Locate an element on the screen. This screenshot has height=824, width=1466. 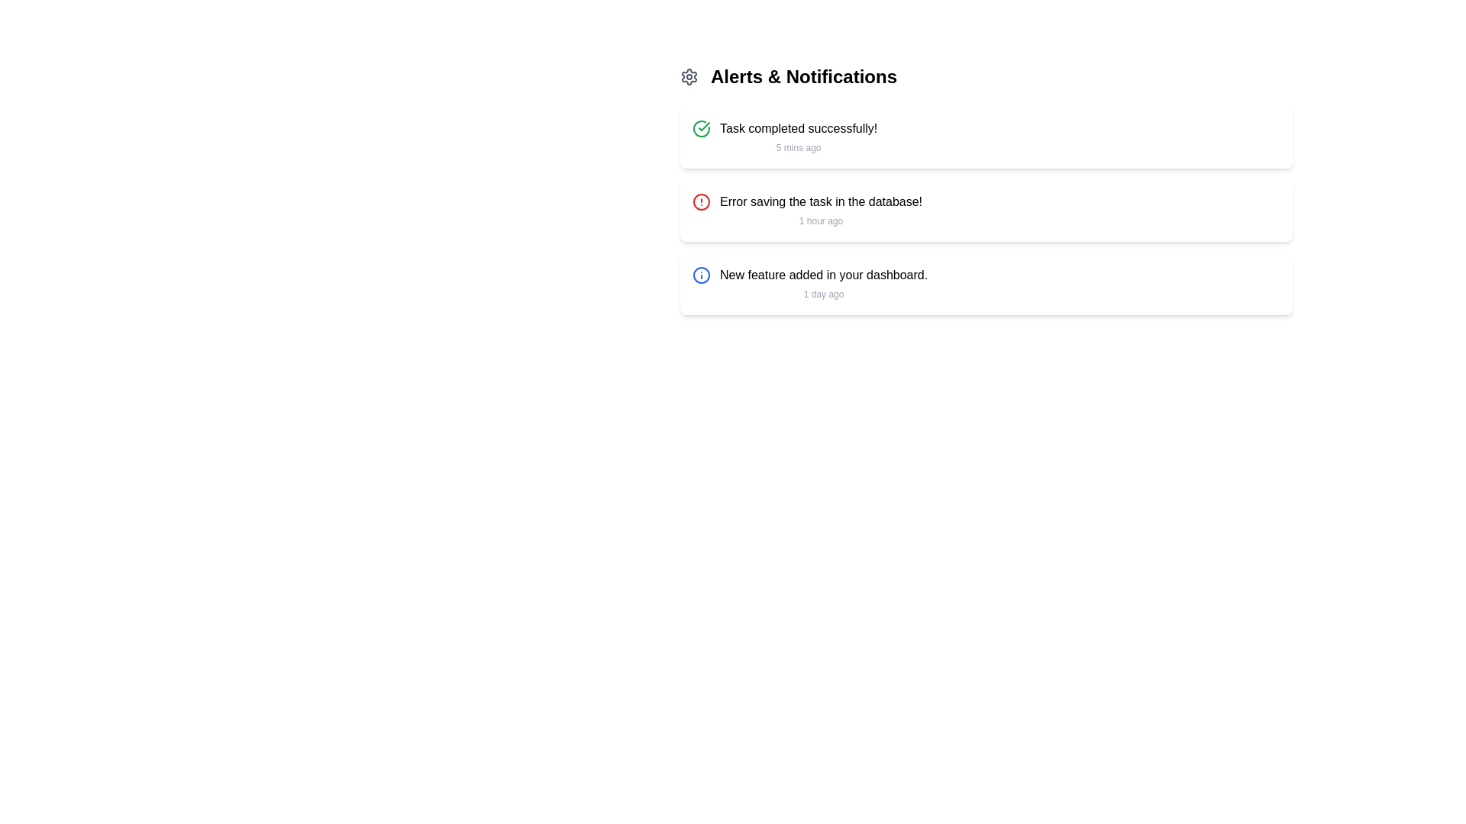
the text display component of the notification that reads 'Task completed successfully!' with a timestamp '5 mins ago', which is styled with a prominent message and a green checkmark icon to the left is located at coordinates (798, 138).